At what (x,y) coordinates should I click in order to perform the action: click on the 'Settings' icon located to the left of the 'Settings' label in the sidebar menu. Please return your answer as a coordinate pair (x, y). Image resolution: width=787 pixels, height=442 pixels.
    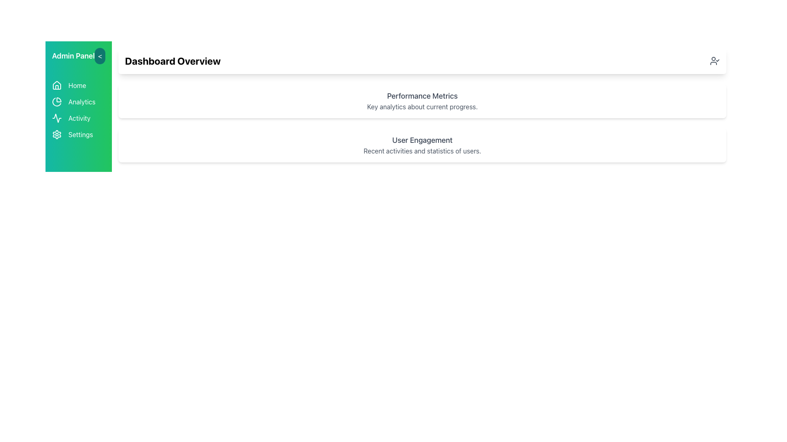
    Looking at the image, I should click on (57, 134).